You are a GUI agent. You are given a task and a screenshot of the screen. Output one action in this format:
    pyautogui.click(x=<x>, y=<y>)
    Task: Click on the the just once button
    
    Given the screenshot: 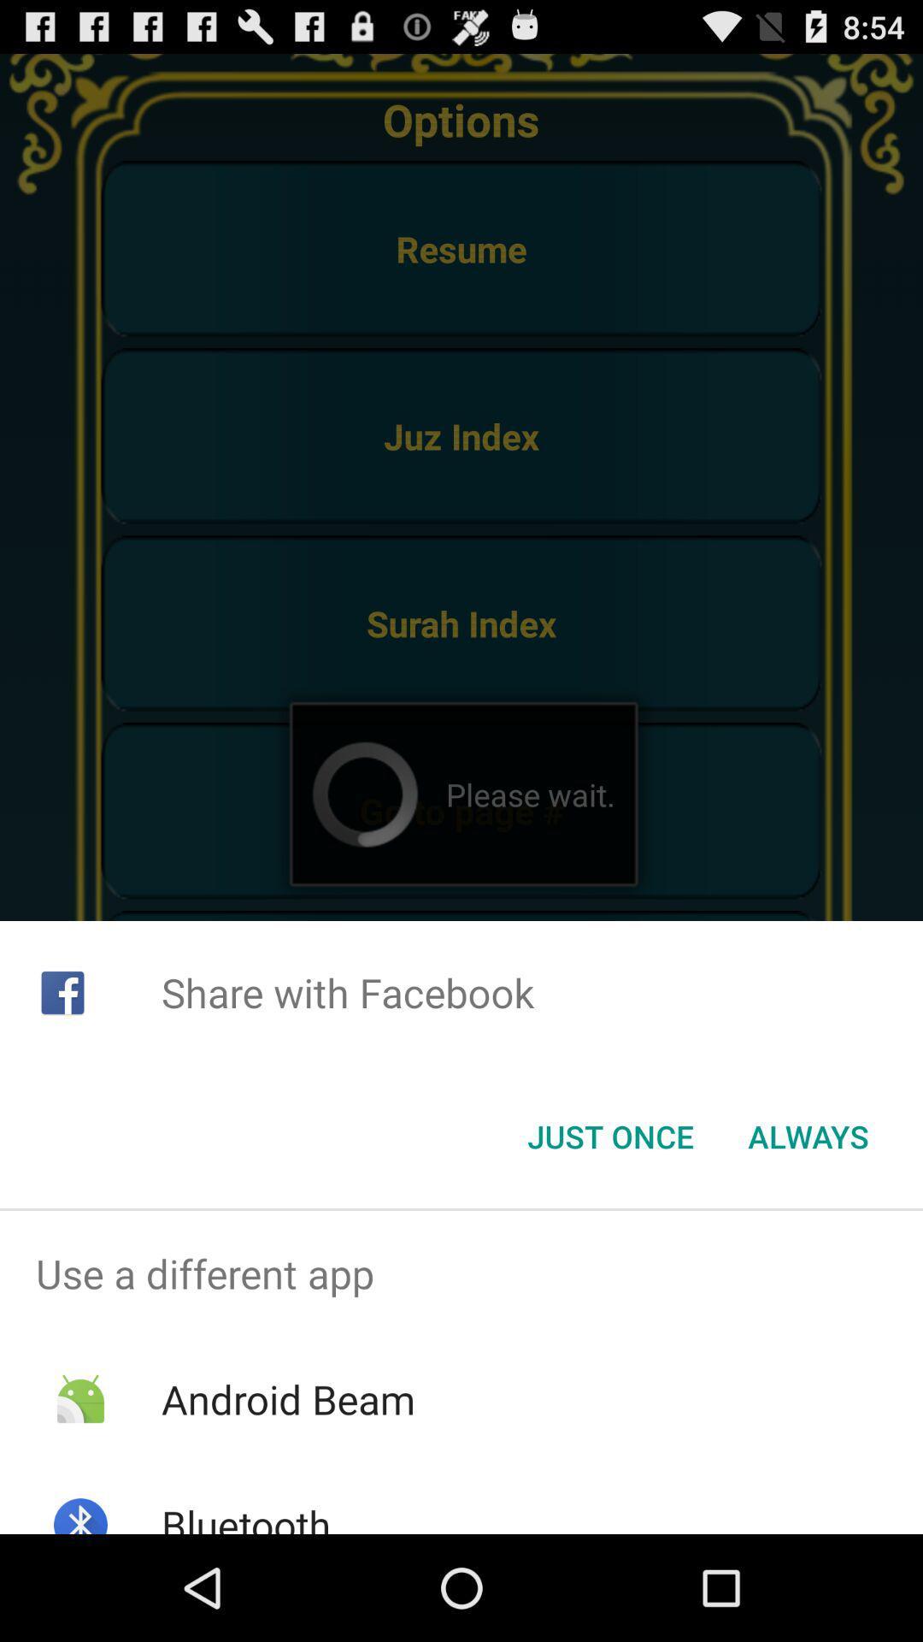 What is the action you would take?
    pyautogui.click(x=609, y=1137)
    